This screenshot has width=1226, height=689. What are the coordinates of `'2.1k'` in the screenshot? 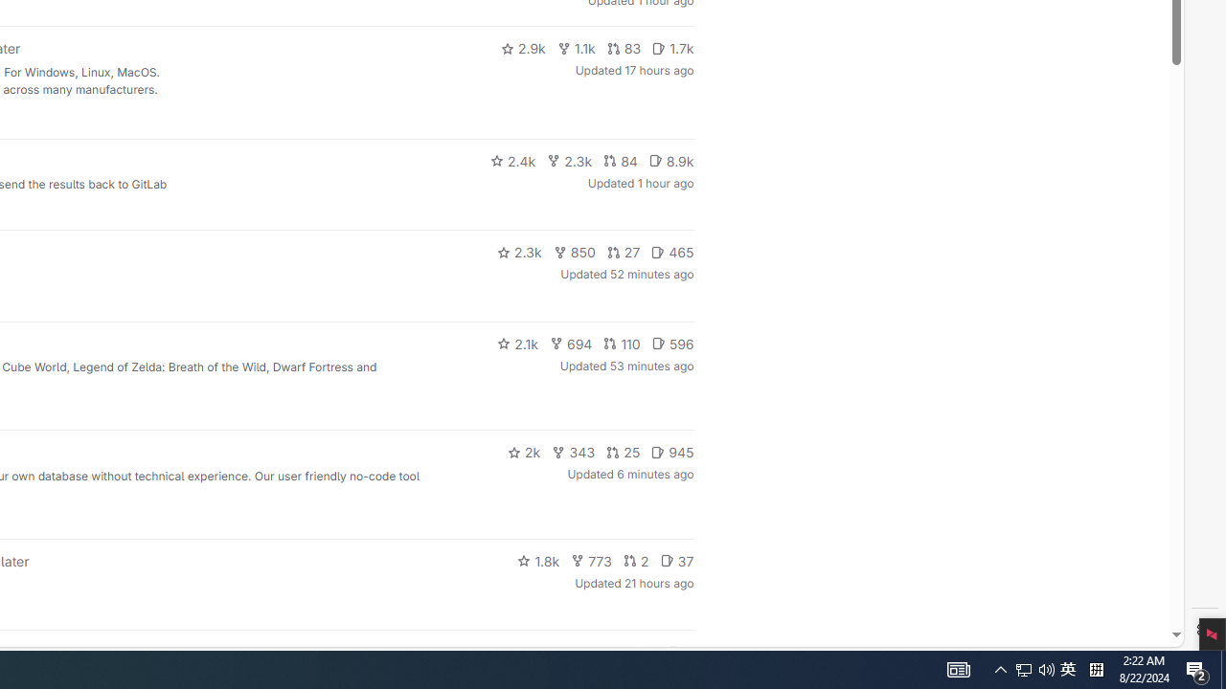 It's located at (517, 342).